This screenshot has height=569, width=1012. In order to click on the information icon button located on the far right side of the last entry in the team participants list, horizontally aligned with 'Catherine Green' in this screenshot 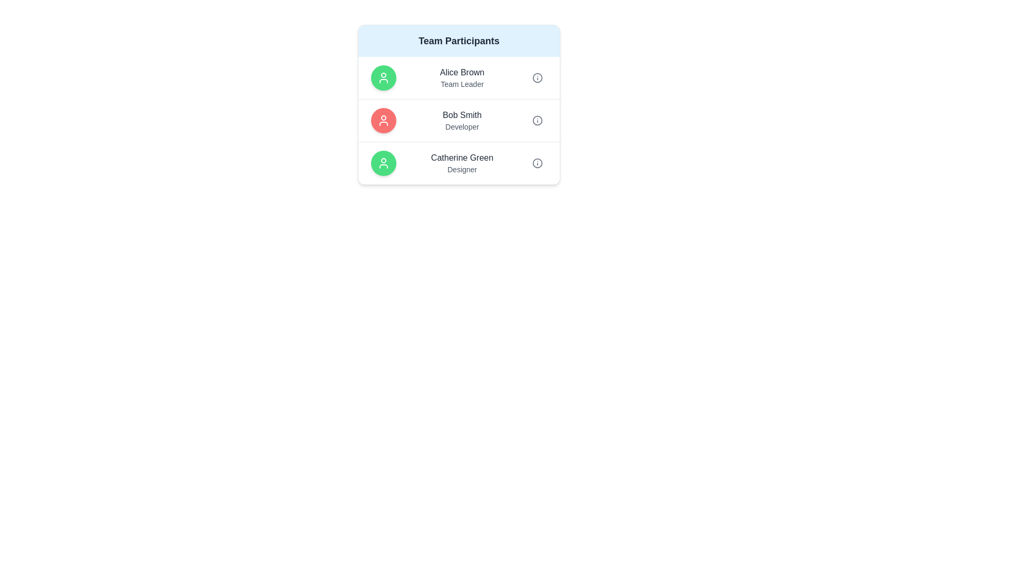, I will do `click(537, 163)`.